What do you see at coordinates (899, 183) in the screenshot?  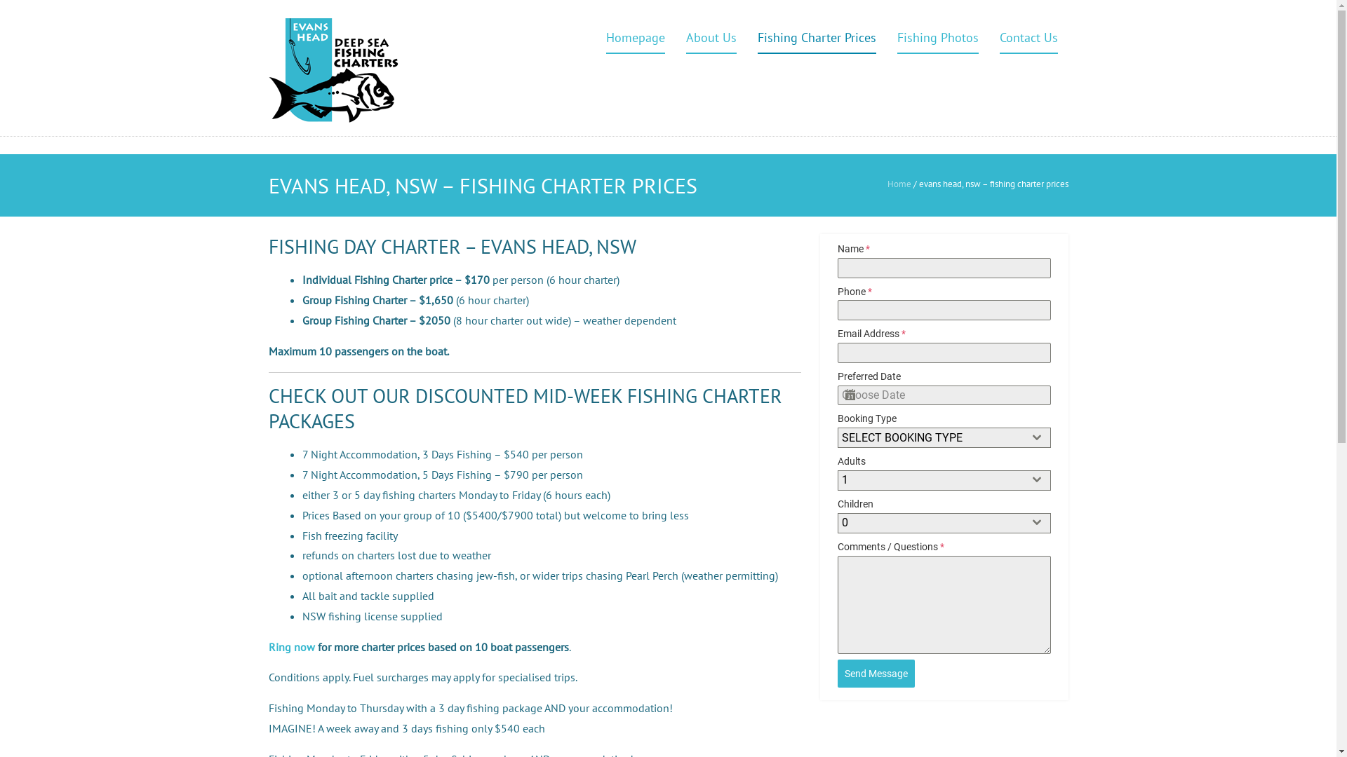 I see `'Home'` at bounding box center [899, 183].